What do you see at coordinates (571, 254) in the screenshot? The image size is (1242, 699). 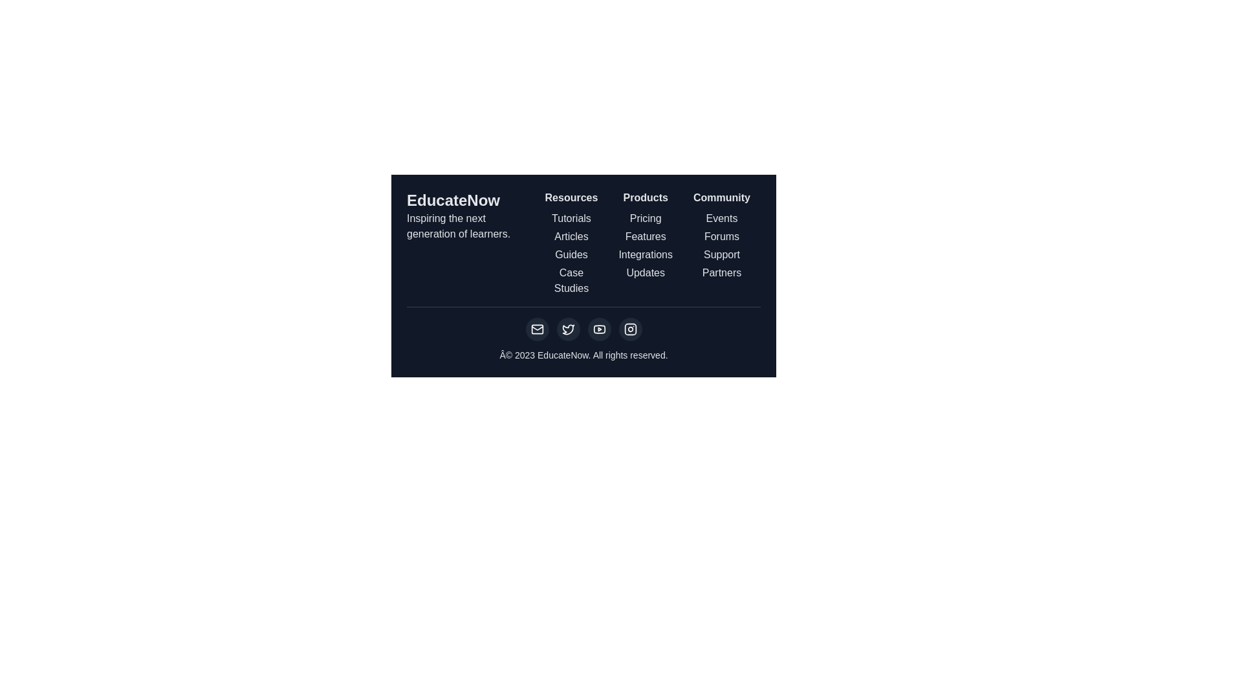 I see `the vertical navigation list containing 'Tutorials', 'Articles', 'Guides', and 'Case Studies'` at bounding box center [571, 254].